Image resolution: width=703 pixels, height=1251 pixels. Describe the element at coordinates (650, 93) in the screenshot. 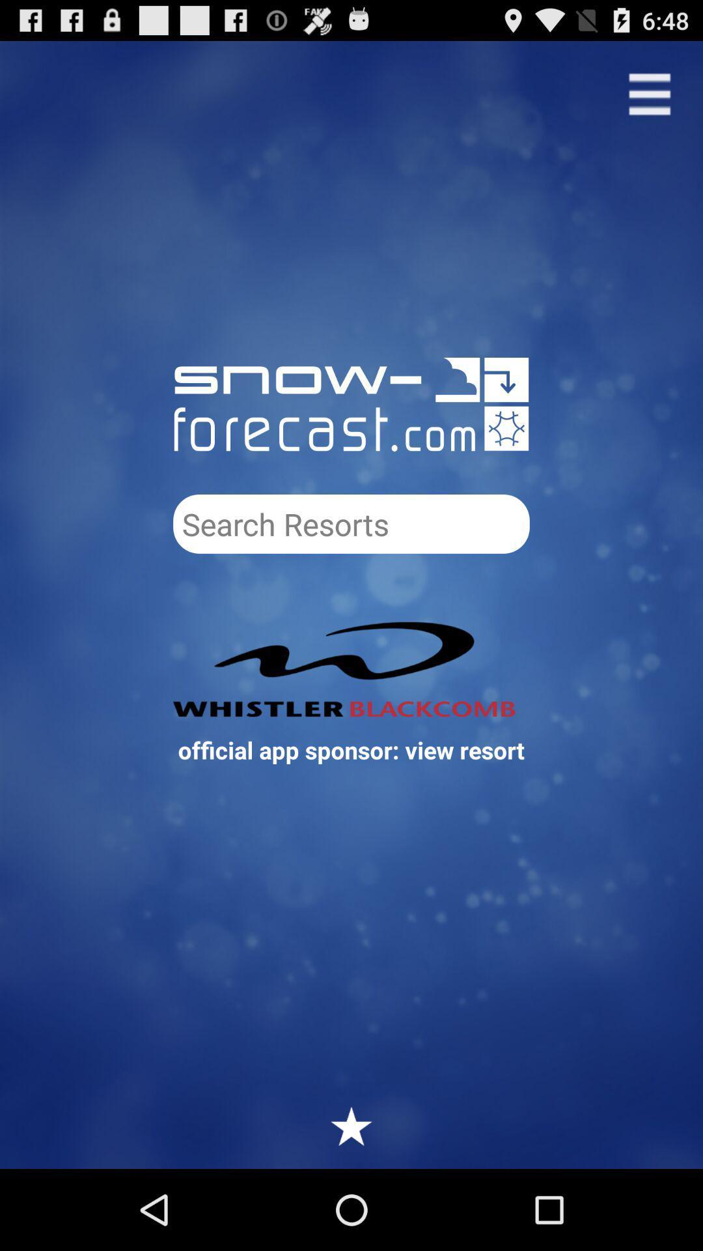

I see `see menu` at that location.